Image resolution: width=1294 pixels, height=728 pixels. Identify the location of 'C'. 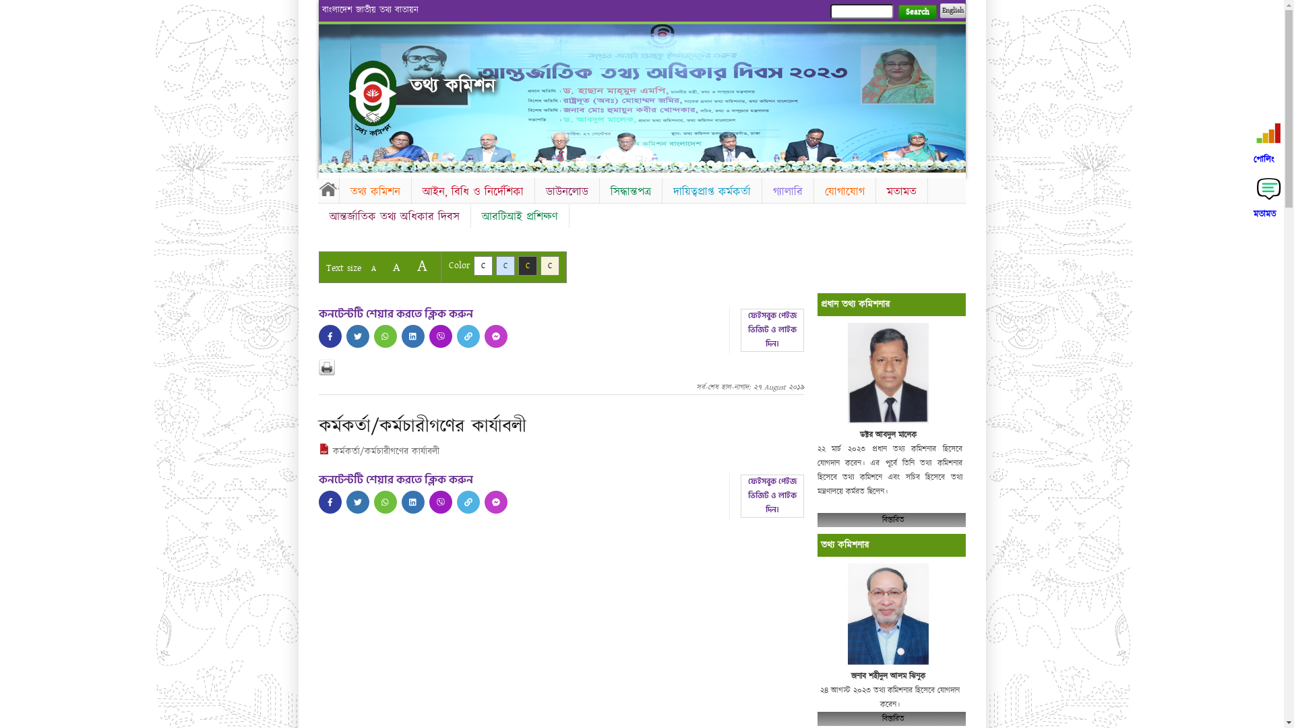
(504, 266).